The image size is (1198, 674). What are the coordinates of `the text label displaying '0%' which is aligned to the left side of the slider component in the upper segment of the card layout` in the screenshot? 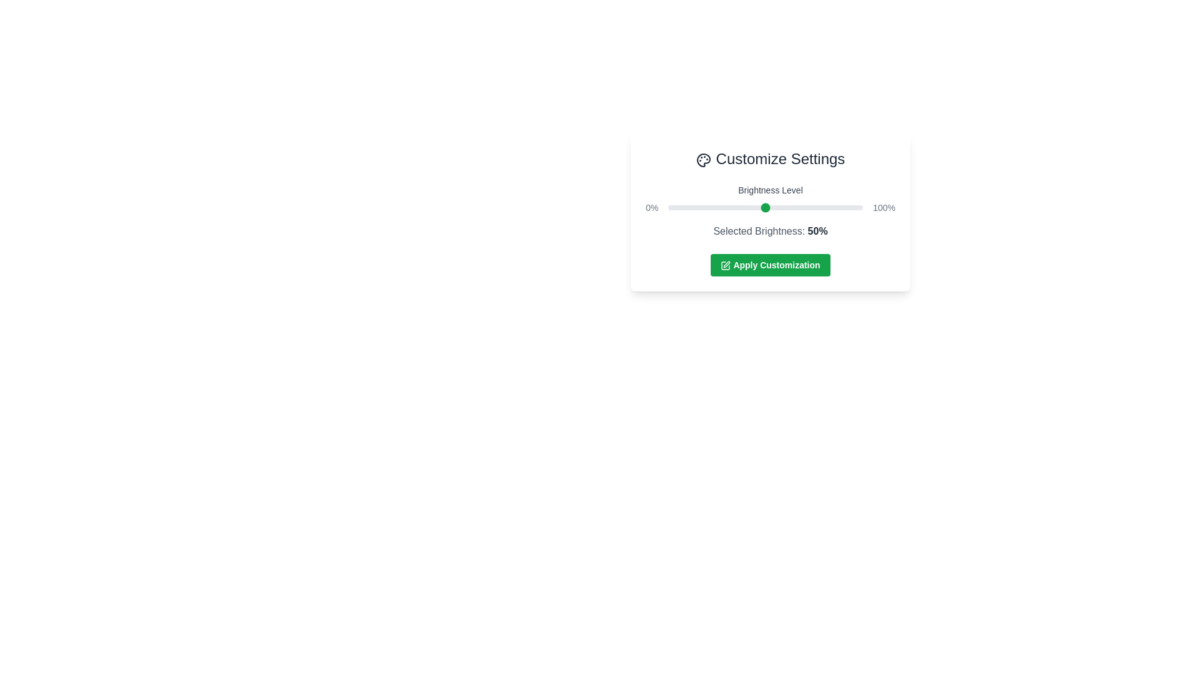 It's located at (651, 207).